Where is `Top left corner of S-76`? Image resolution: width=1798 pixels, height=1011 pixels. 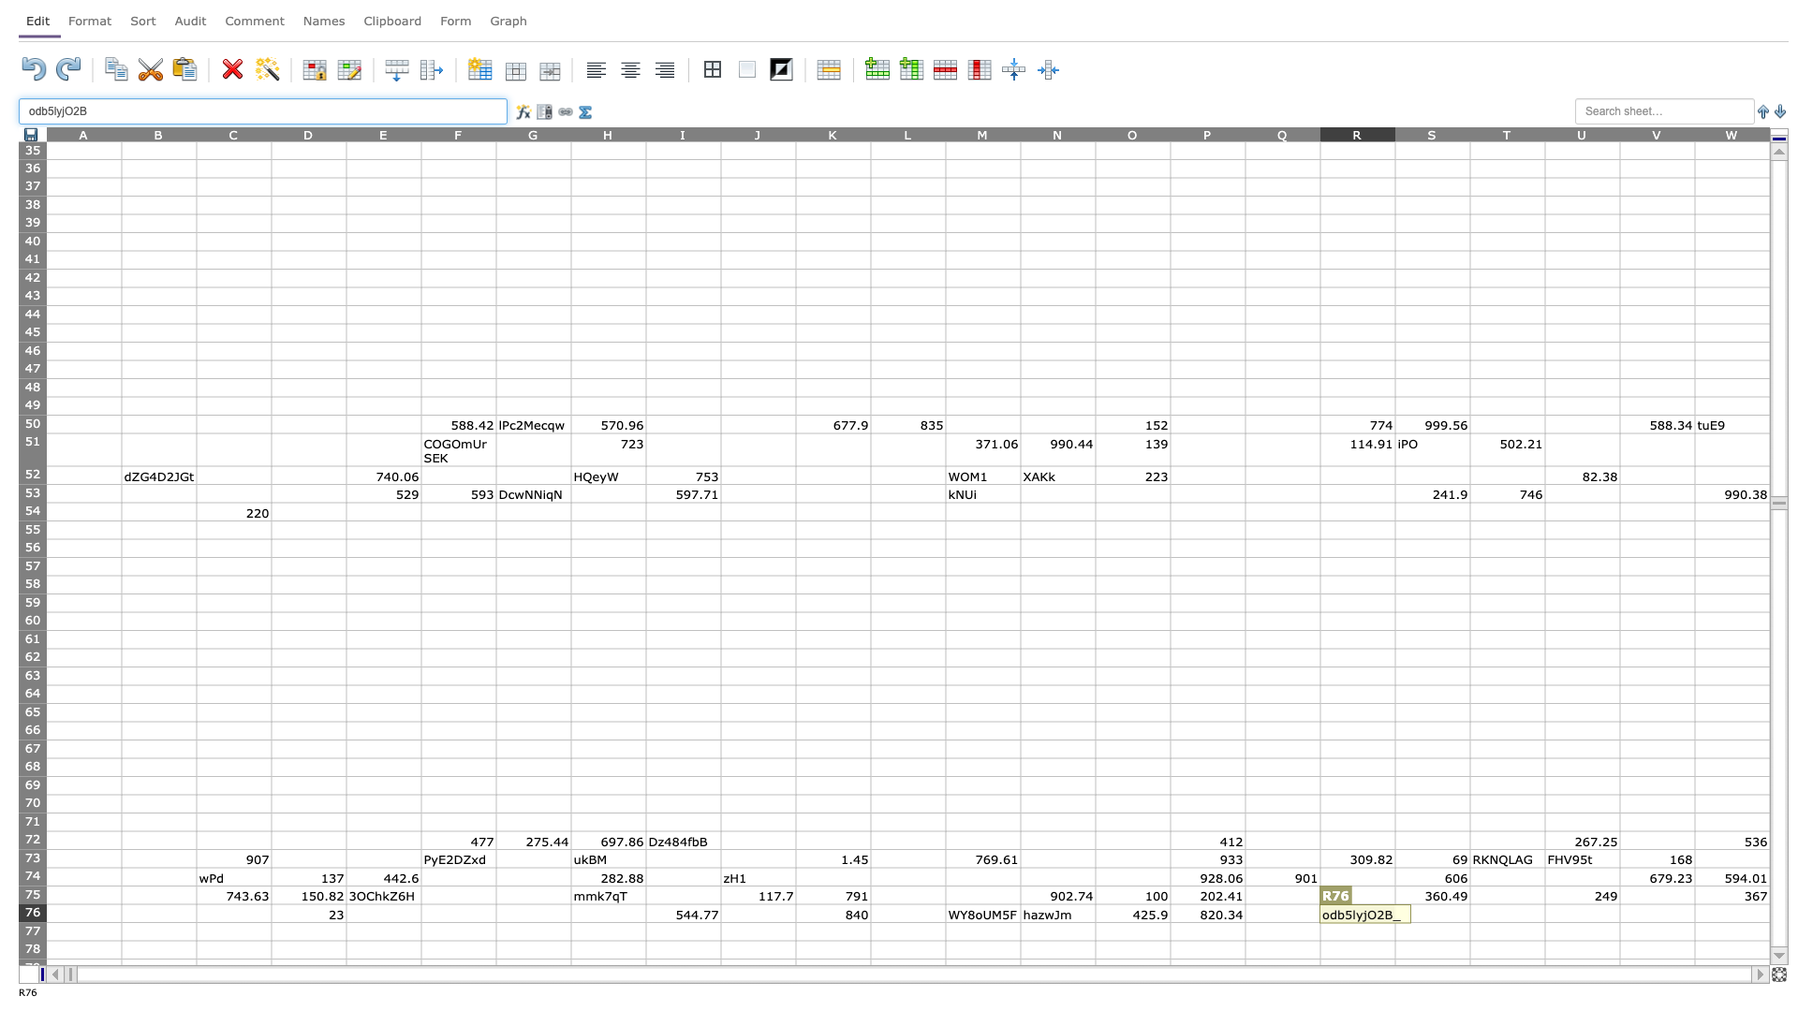 Top left corner of S-76 is located at coordinates (1394, 902).